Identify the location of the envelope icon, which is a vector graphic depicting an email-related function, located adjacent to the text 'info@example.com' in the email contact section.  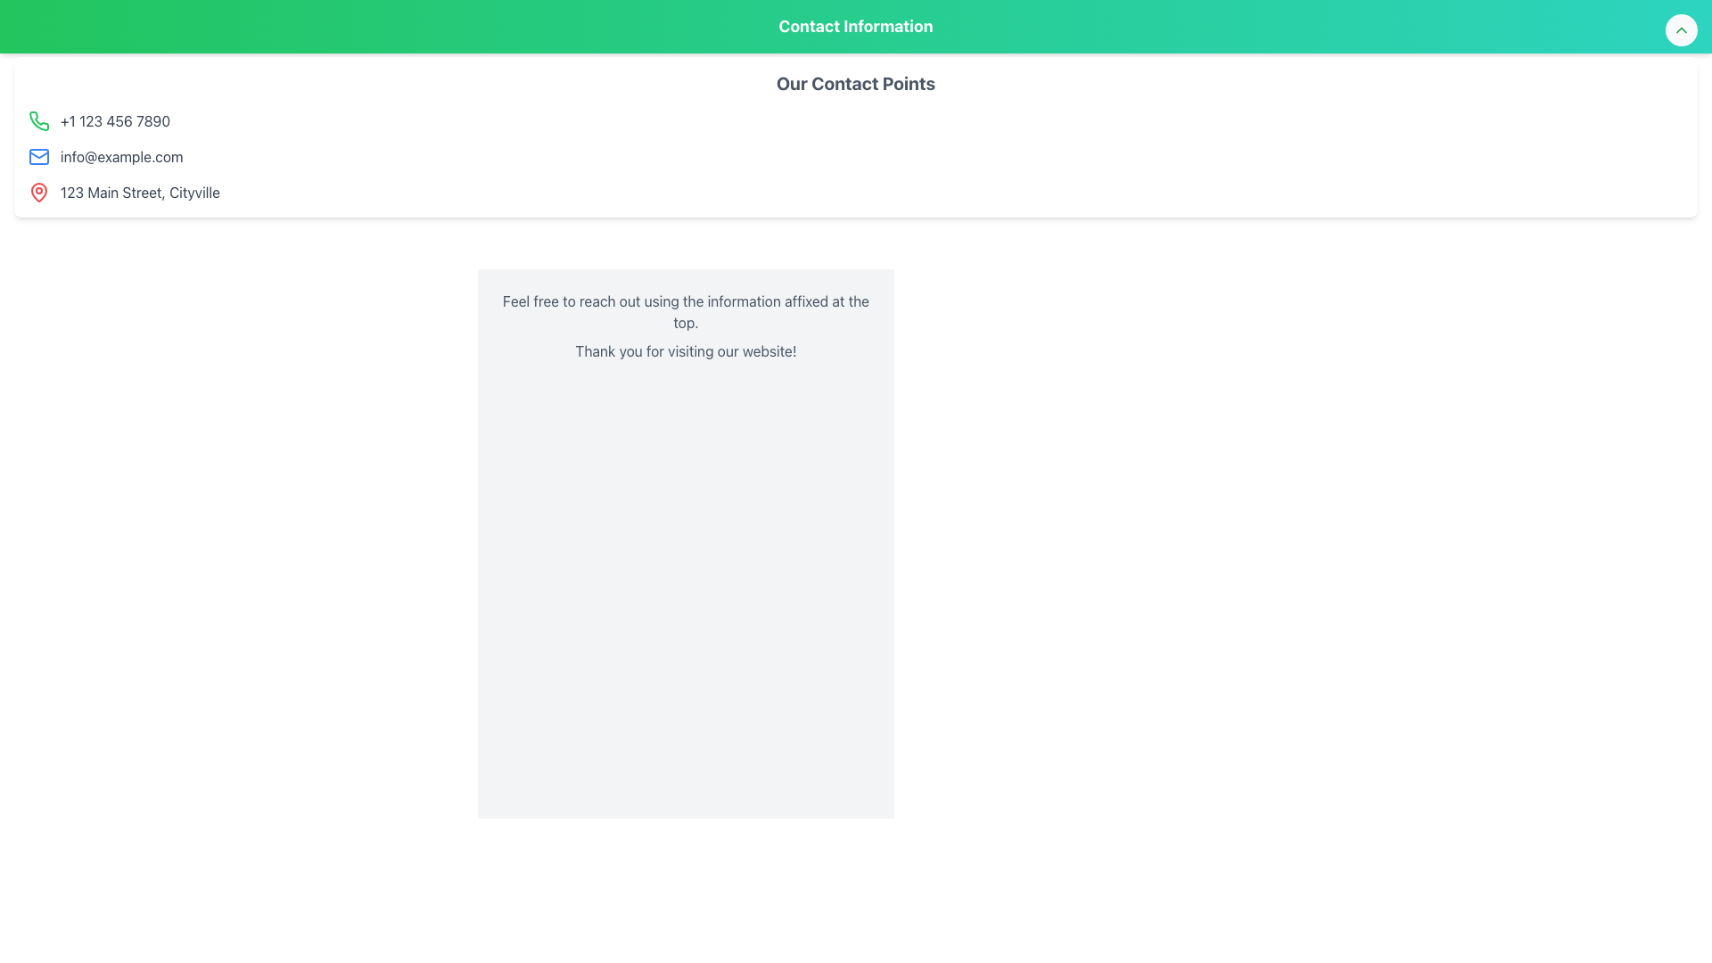
(38, 153).